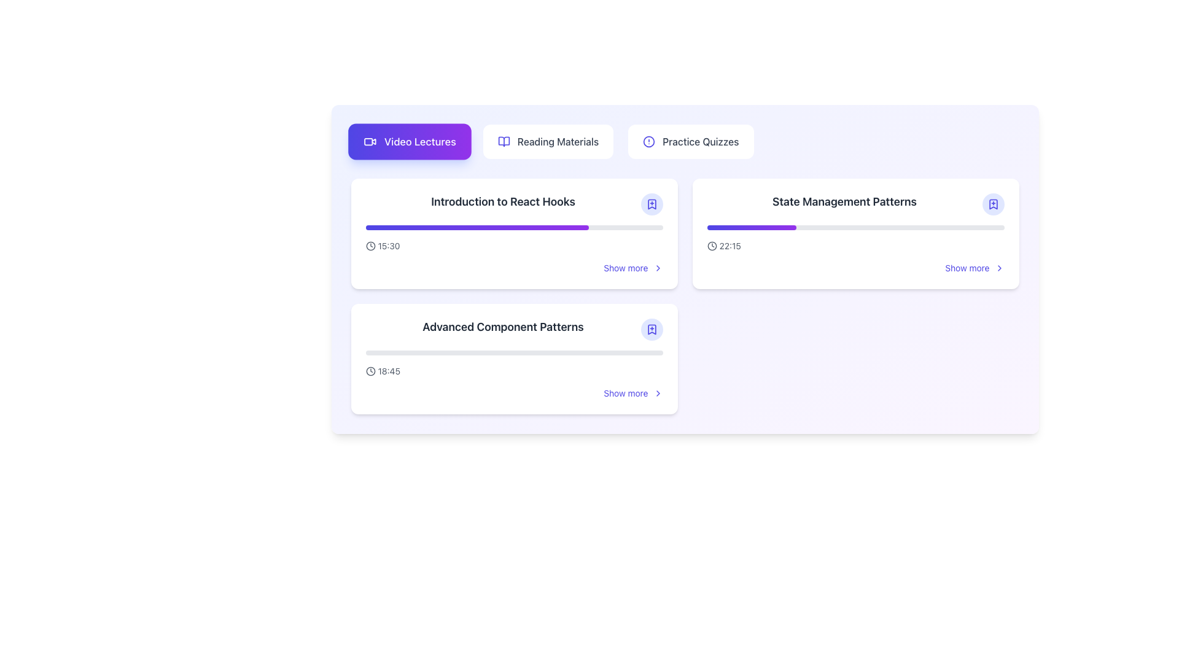  Describe the element at coordinates (633, 393) in the screenshot. I see `the Text button with an icon located at the bottom-right corner of the 'Advanced Component Patterns' section` at that location.